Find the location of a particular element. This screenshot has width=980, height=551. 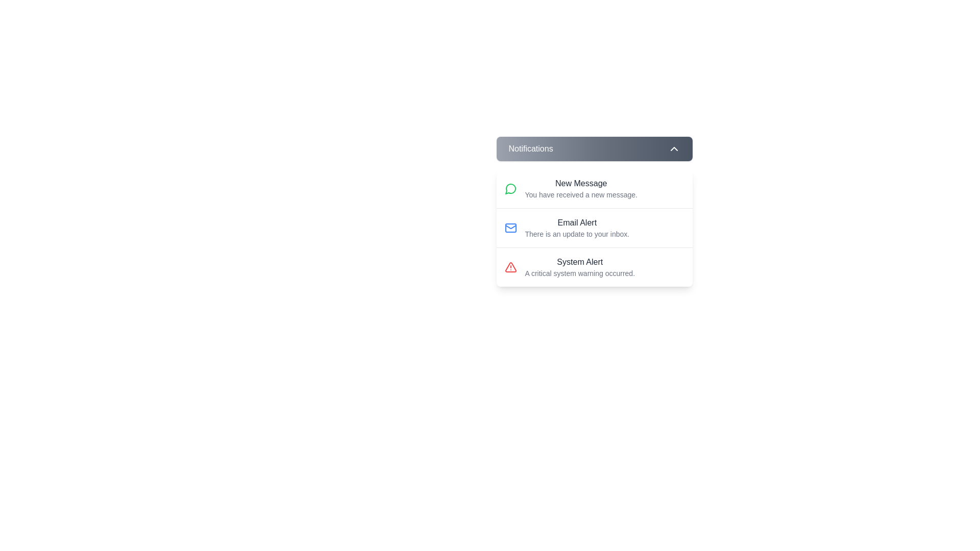

the first notification item is located at coordinates (594, 189).